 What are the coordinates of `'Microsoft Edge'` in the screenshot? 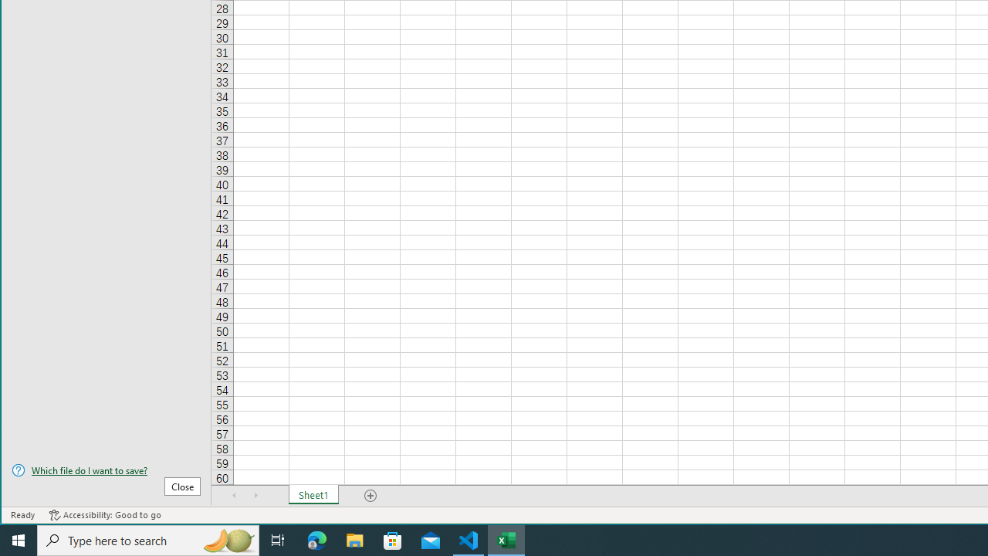 It's located at (316, 539).